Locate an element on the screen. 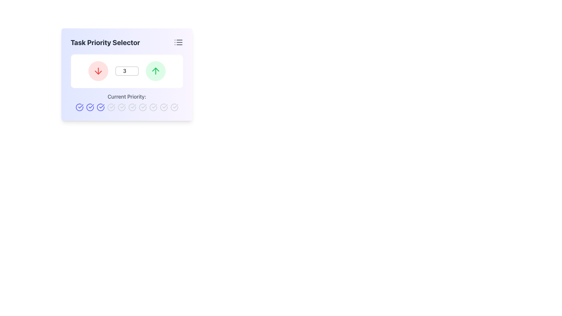  the 8th circular checkbox icon with a check mark in the 'Current Priority' section to interact is located at coordinates (153, 107).